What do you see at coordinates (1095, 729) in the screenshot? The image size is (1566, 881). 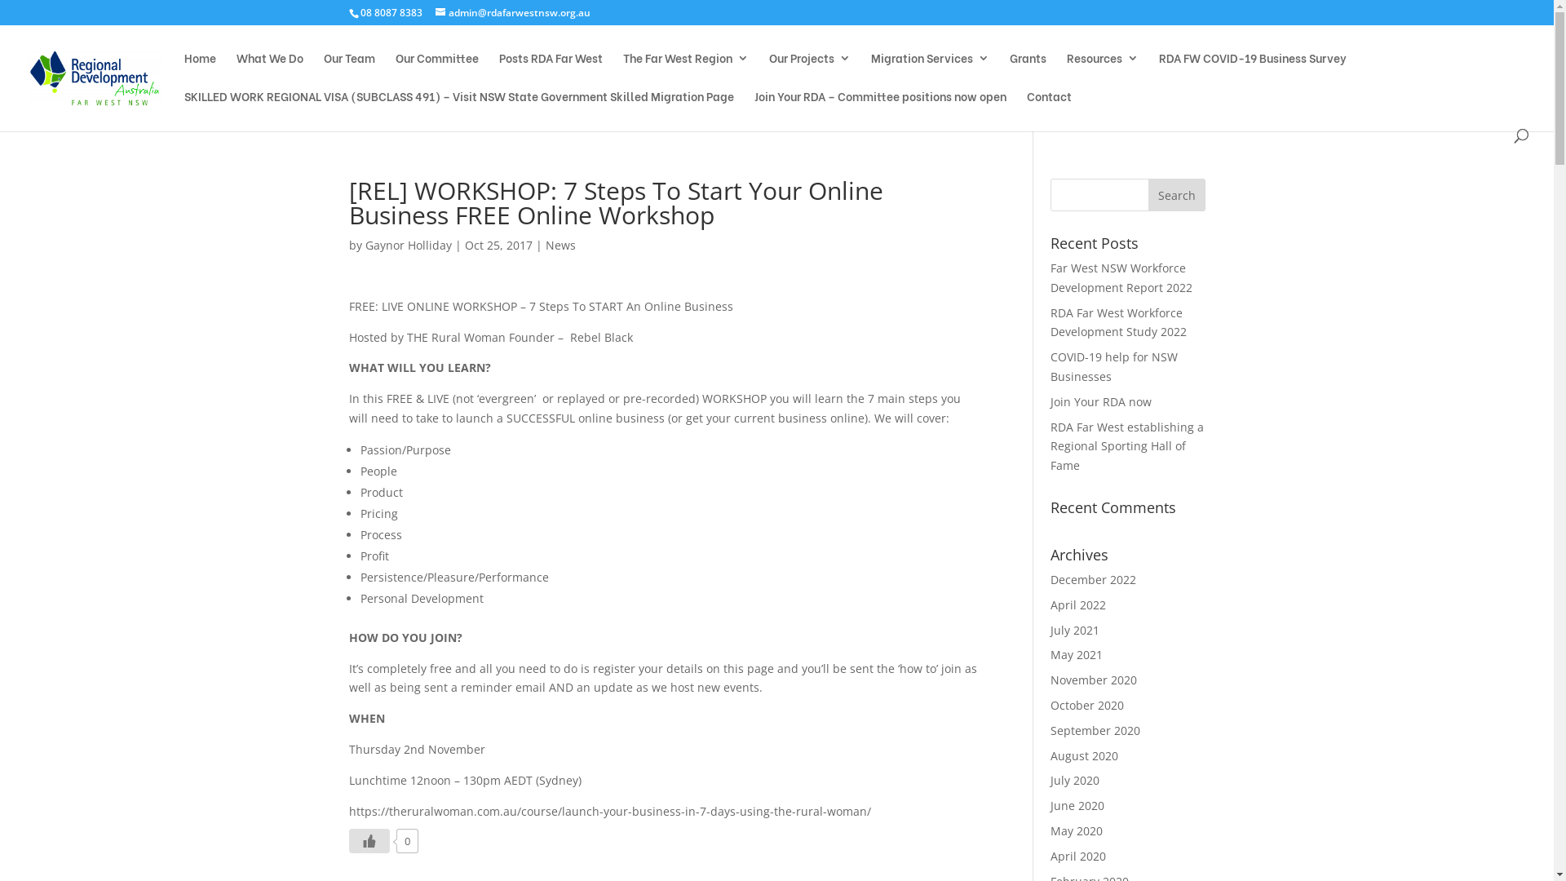 I see `'September 2020'` at bounding box center [1095, 729].